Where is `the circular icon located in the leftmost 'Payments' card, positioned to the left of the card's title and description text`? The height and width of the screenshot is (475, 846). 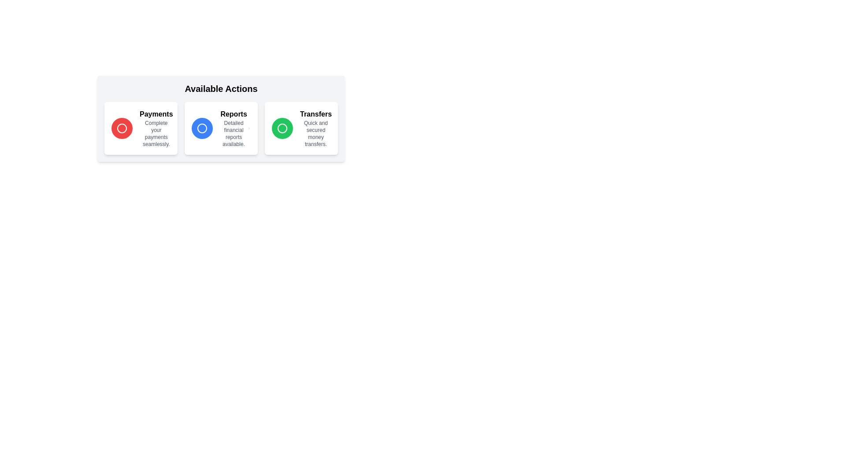
the circular icon located in the leftmost 'Payments' card, positioned to the left of the card's title and description text is located at coordinates (122, 128).